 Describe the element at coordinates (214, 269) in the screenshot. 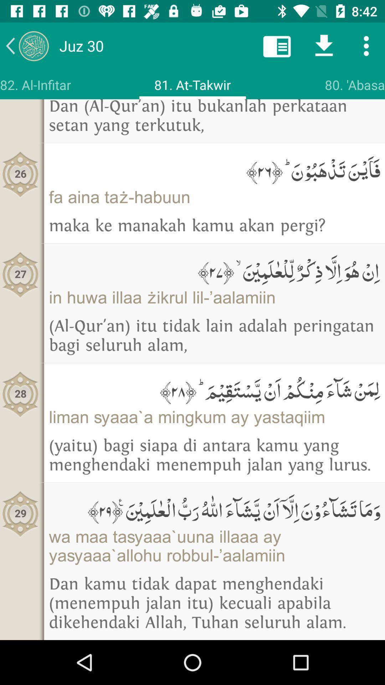

I see `the icon above in huwa illaa` at that location.